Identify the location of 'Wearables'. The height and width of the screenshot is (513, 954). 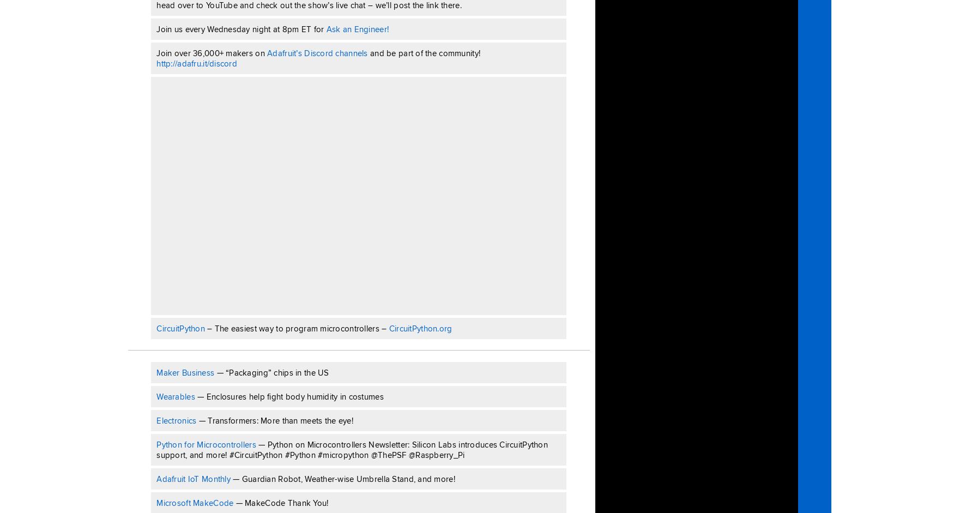
(176, 396).